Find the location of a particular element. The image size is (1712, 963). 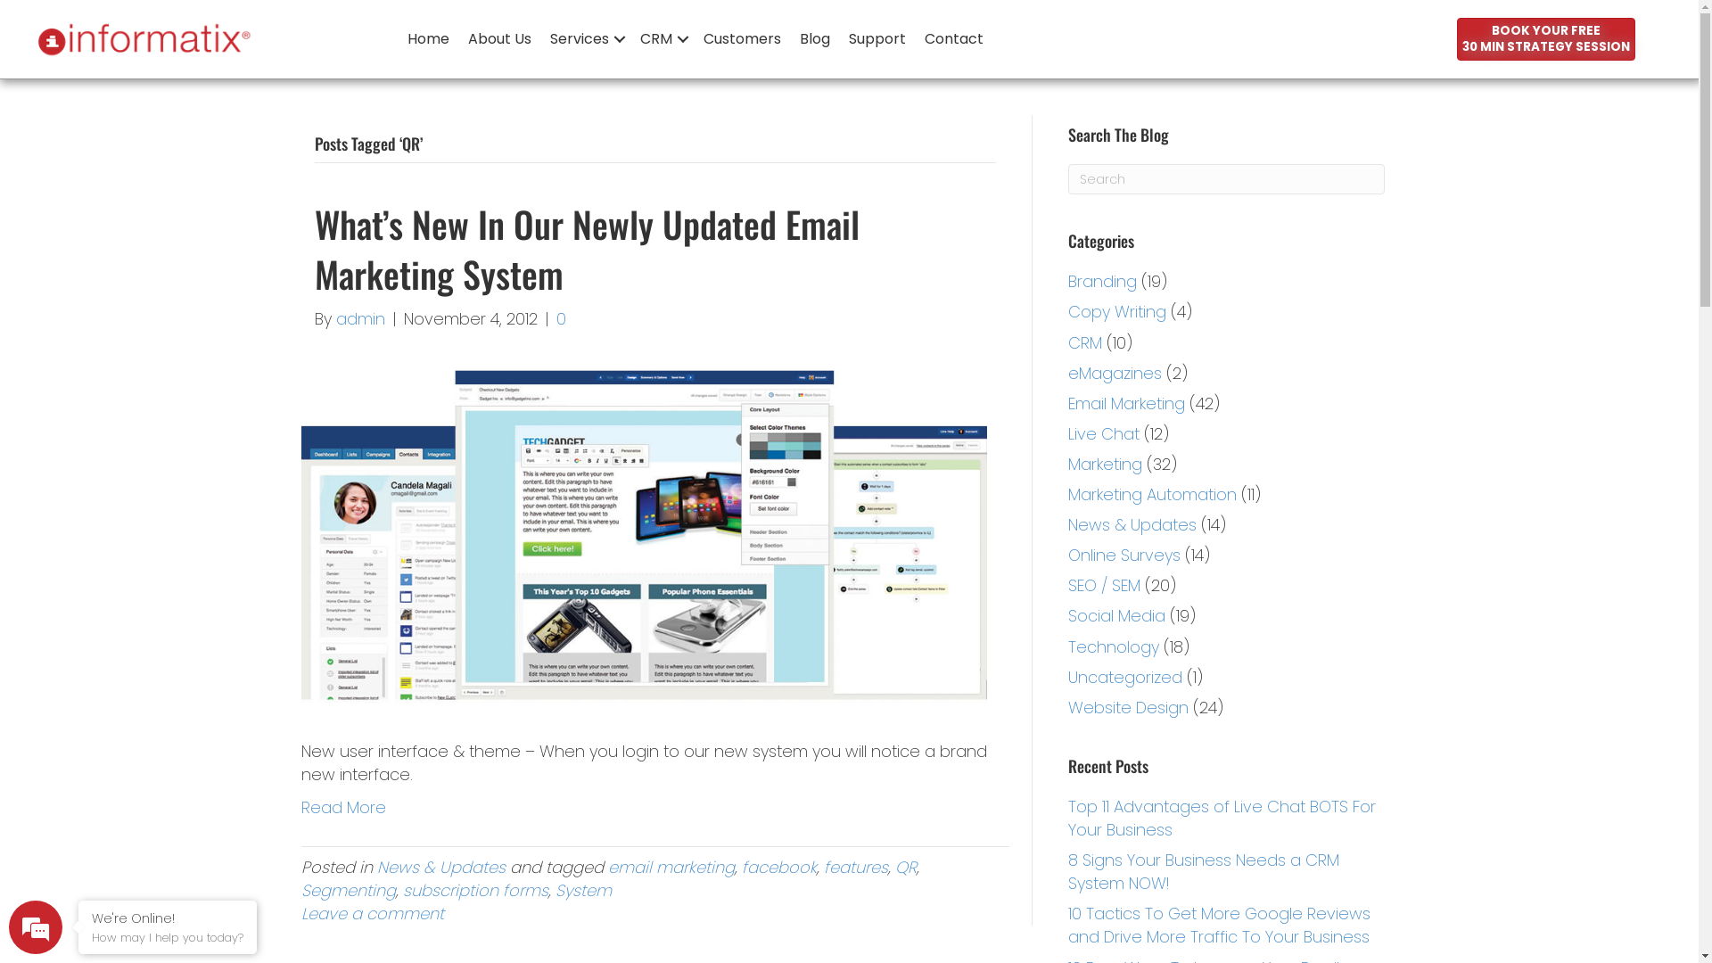

'email marketing' is located at coordinates (671, 866).